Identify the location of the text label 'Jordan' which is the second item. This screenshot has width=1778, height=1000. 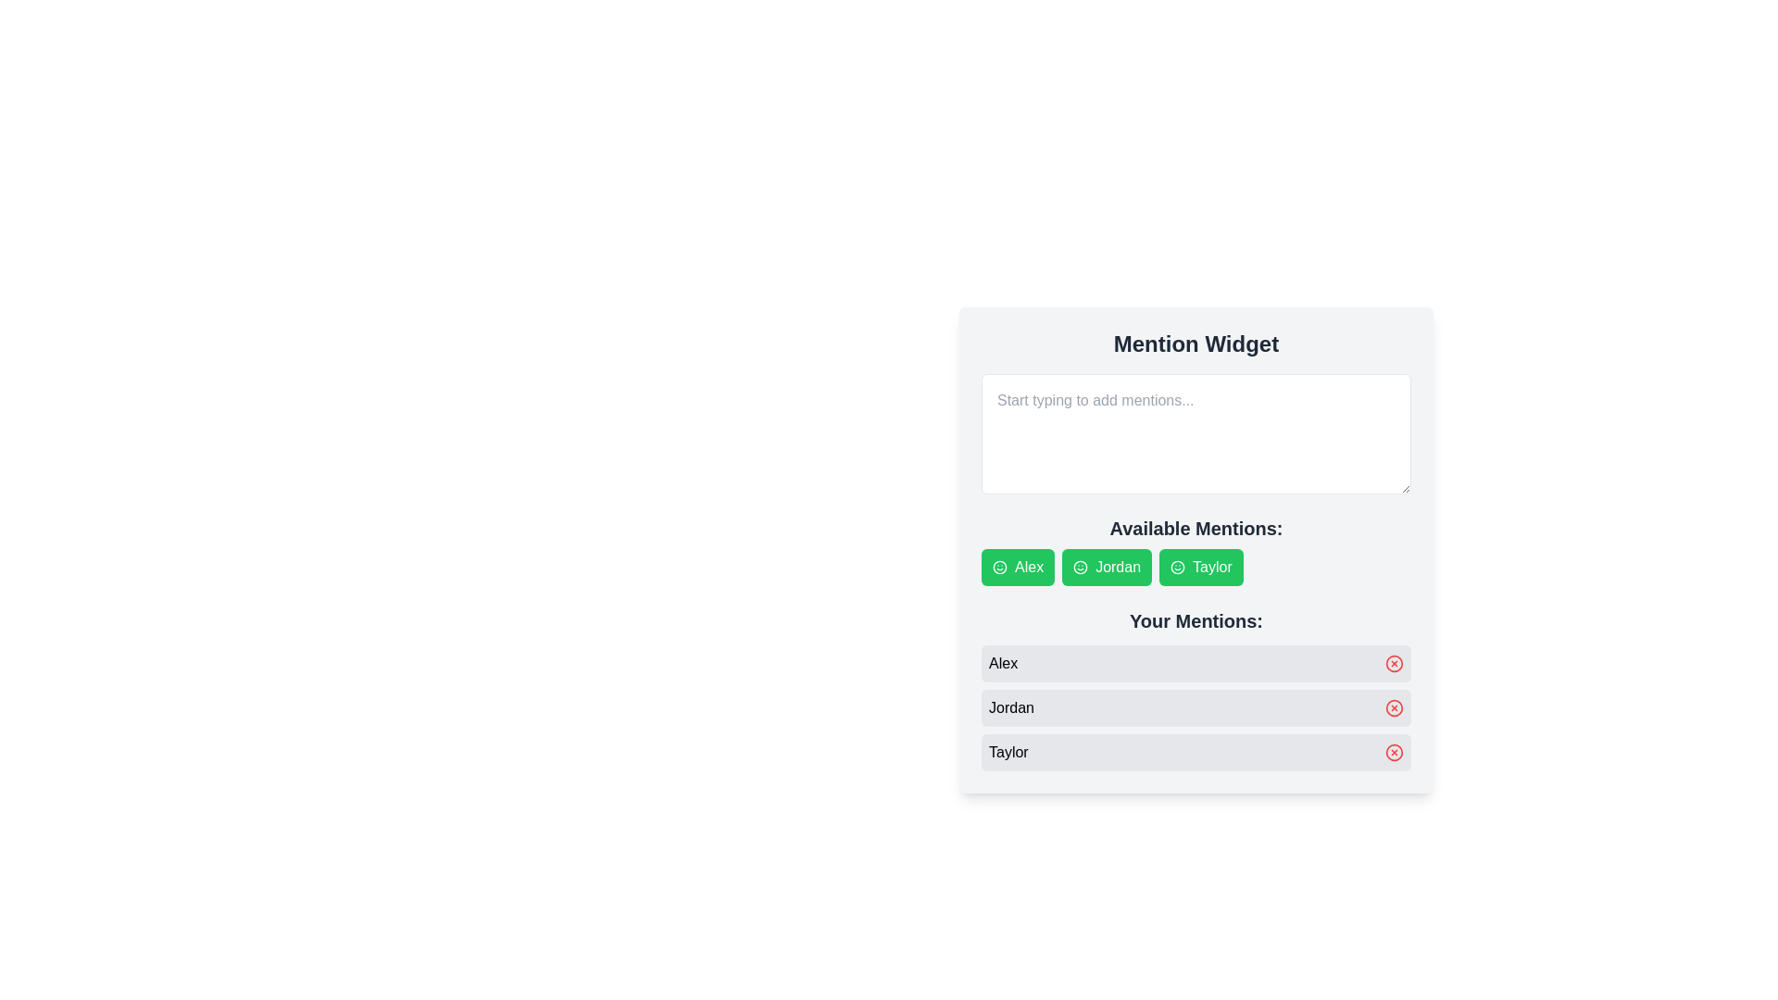
(1010, 707).